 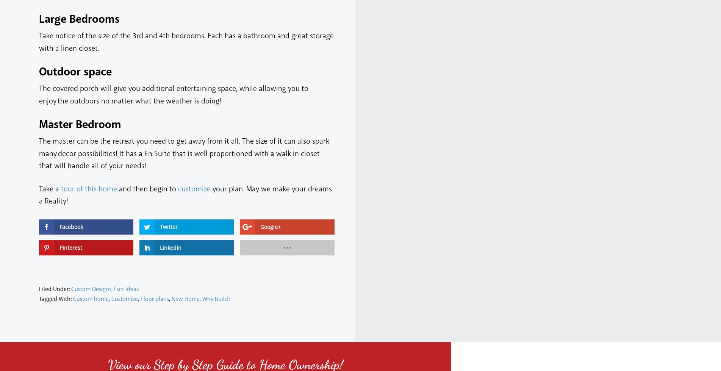 I want to click on 'Filed Under:', so click(x=55, y=288).